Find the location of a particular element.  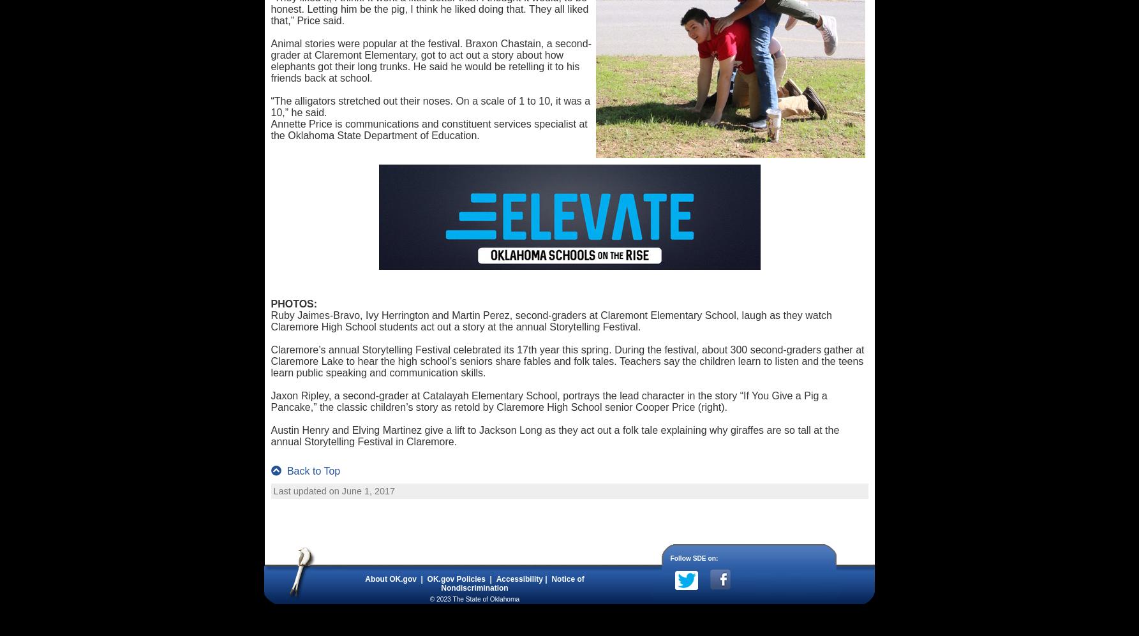

'Animal stories were popular at the festival. Braxon Chastain, a second-grader at Claremont Elementary, got to act out a story about how elephants got their long trunks. He said he would be retelling it to his friends back at school.' is located at coordinates (430, 61).